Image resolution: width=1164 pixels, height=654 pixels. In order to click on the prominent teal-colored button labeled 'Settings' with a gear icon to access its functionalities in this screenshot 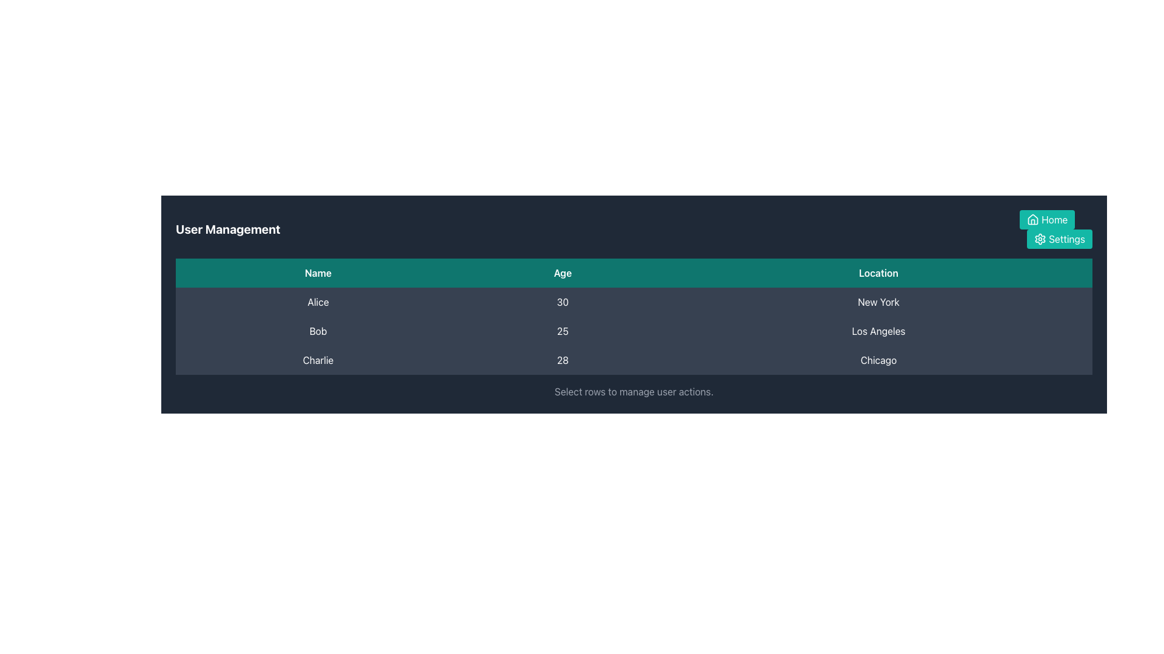, I will do `click(1059, 239)`.